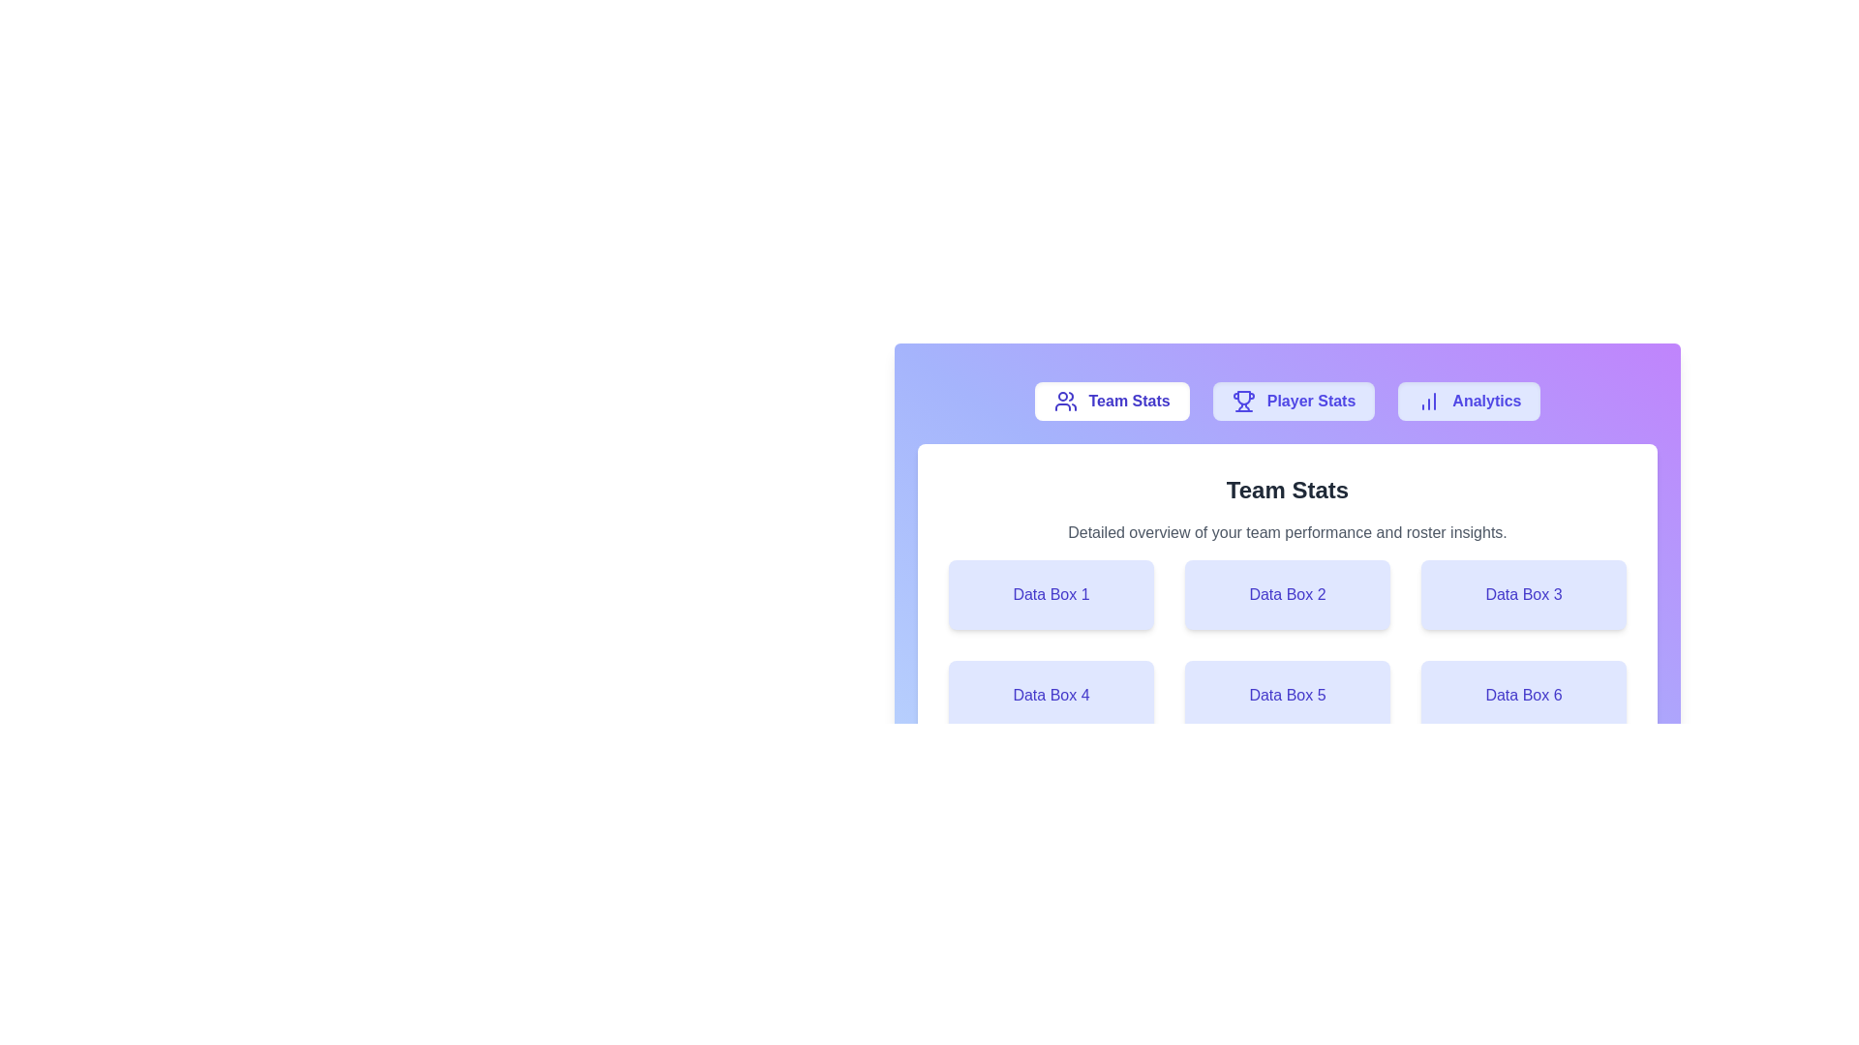 The height and width of the screenshot is (1045, 1859). Describe the element at coordinates (1112, 401) in the screenshot. I see `the tab labeled Team Stats` at that location.